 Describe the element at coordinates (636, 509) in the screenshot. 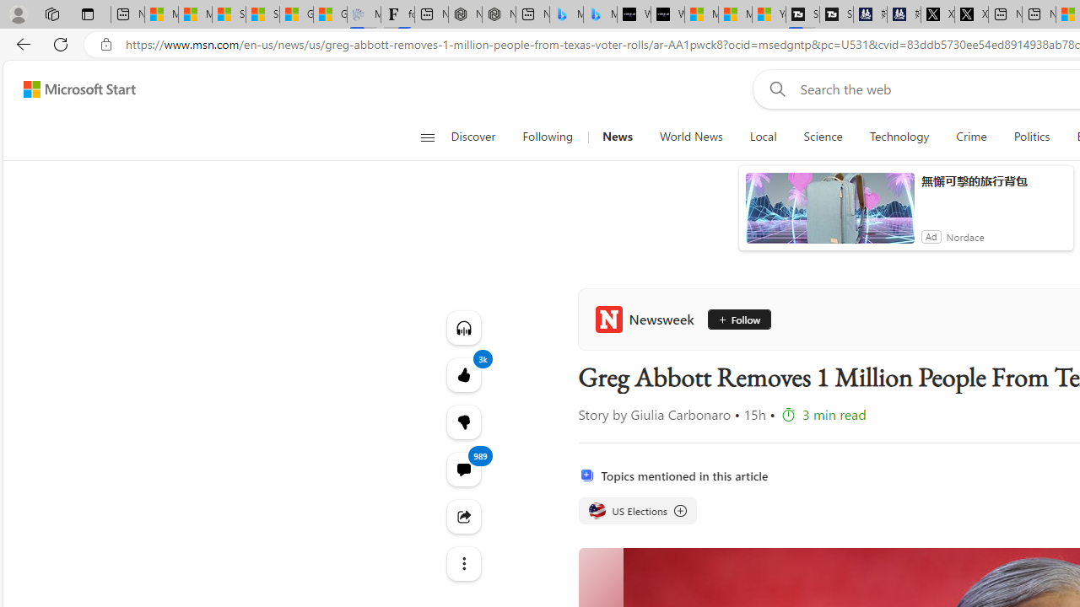

I see `'US Elections US Elections US Elections'` at that location.